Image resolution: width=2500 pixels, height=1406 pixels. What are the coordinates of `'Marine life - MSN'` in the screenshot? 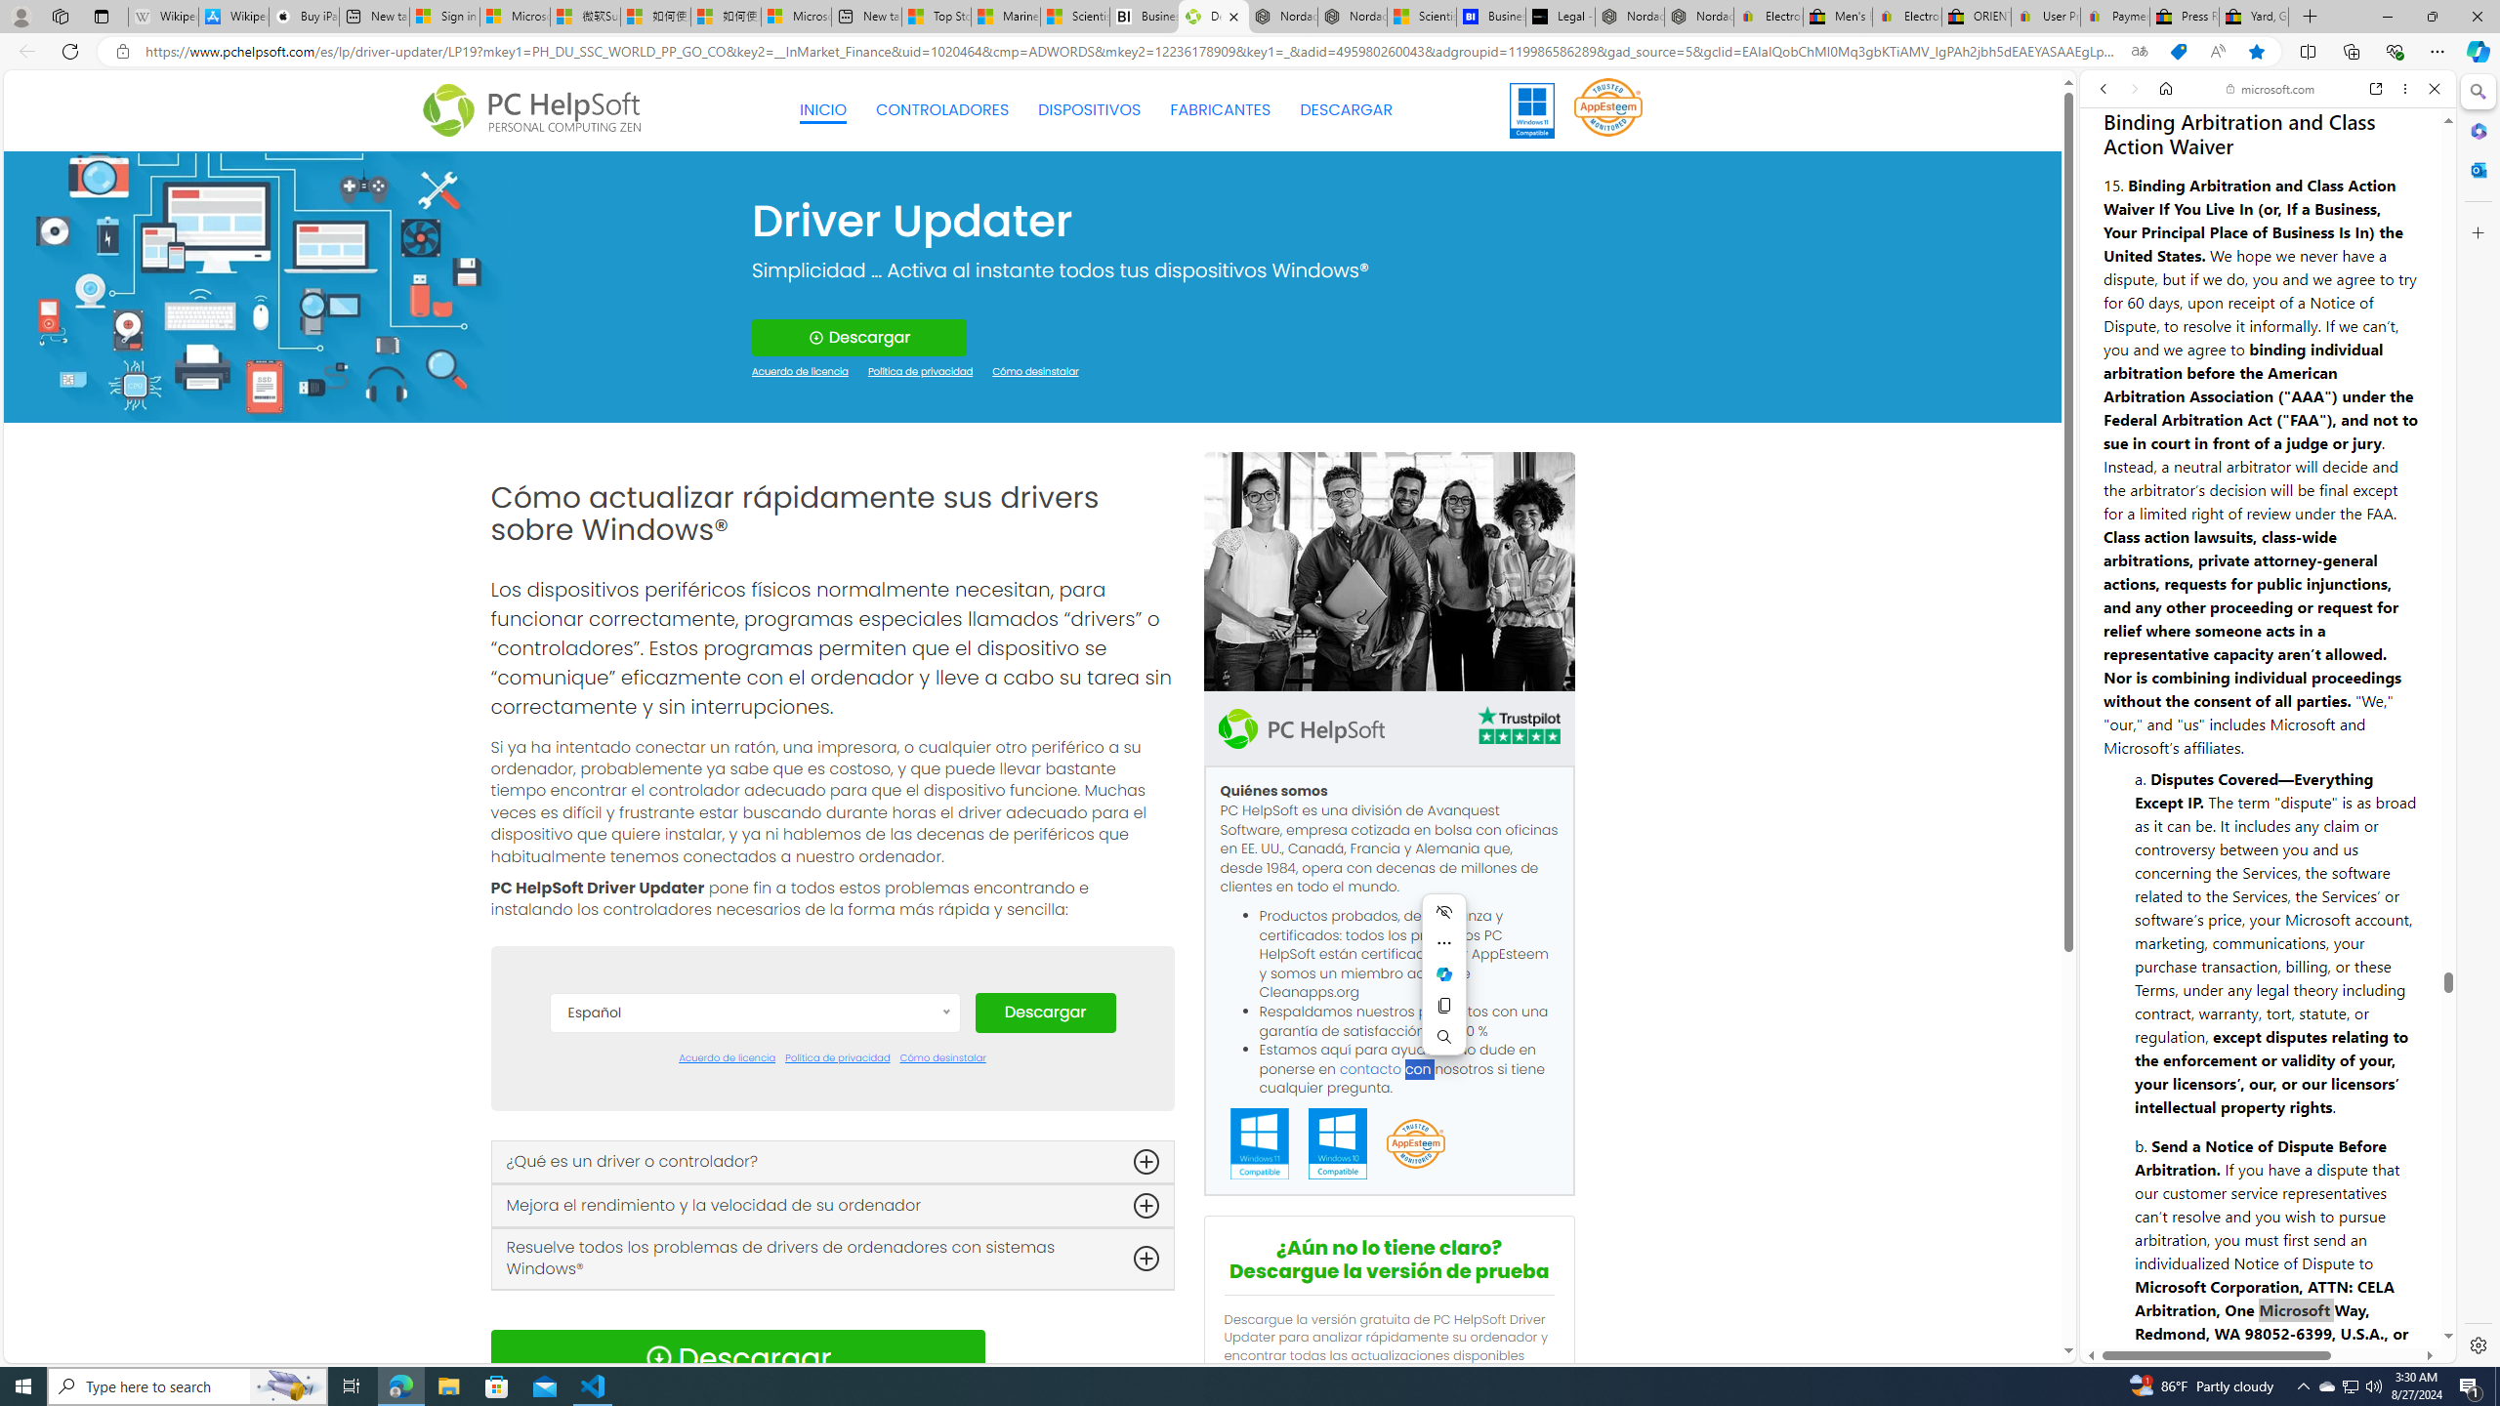 It's located at (1006, 16).